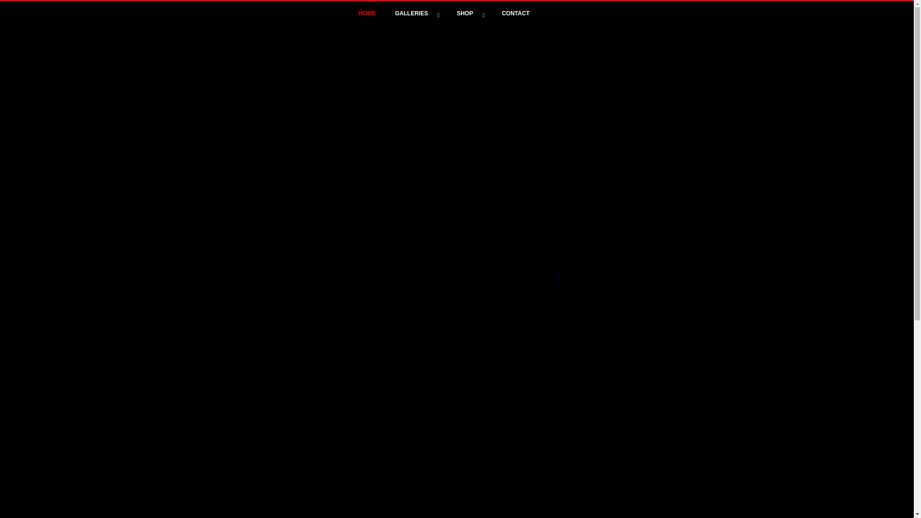 The height and width of the screenshot is (518, 921). I want to click on 'HOME', so click(367, 13).